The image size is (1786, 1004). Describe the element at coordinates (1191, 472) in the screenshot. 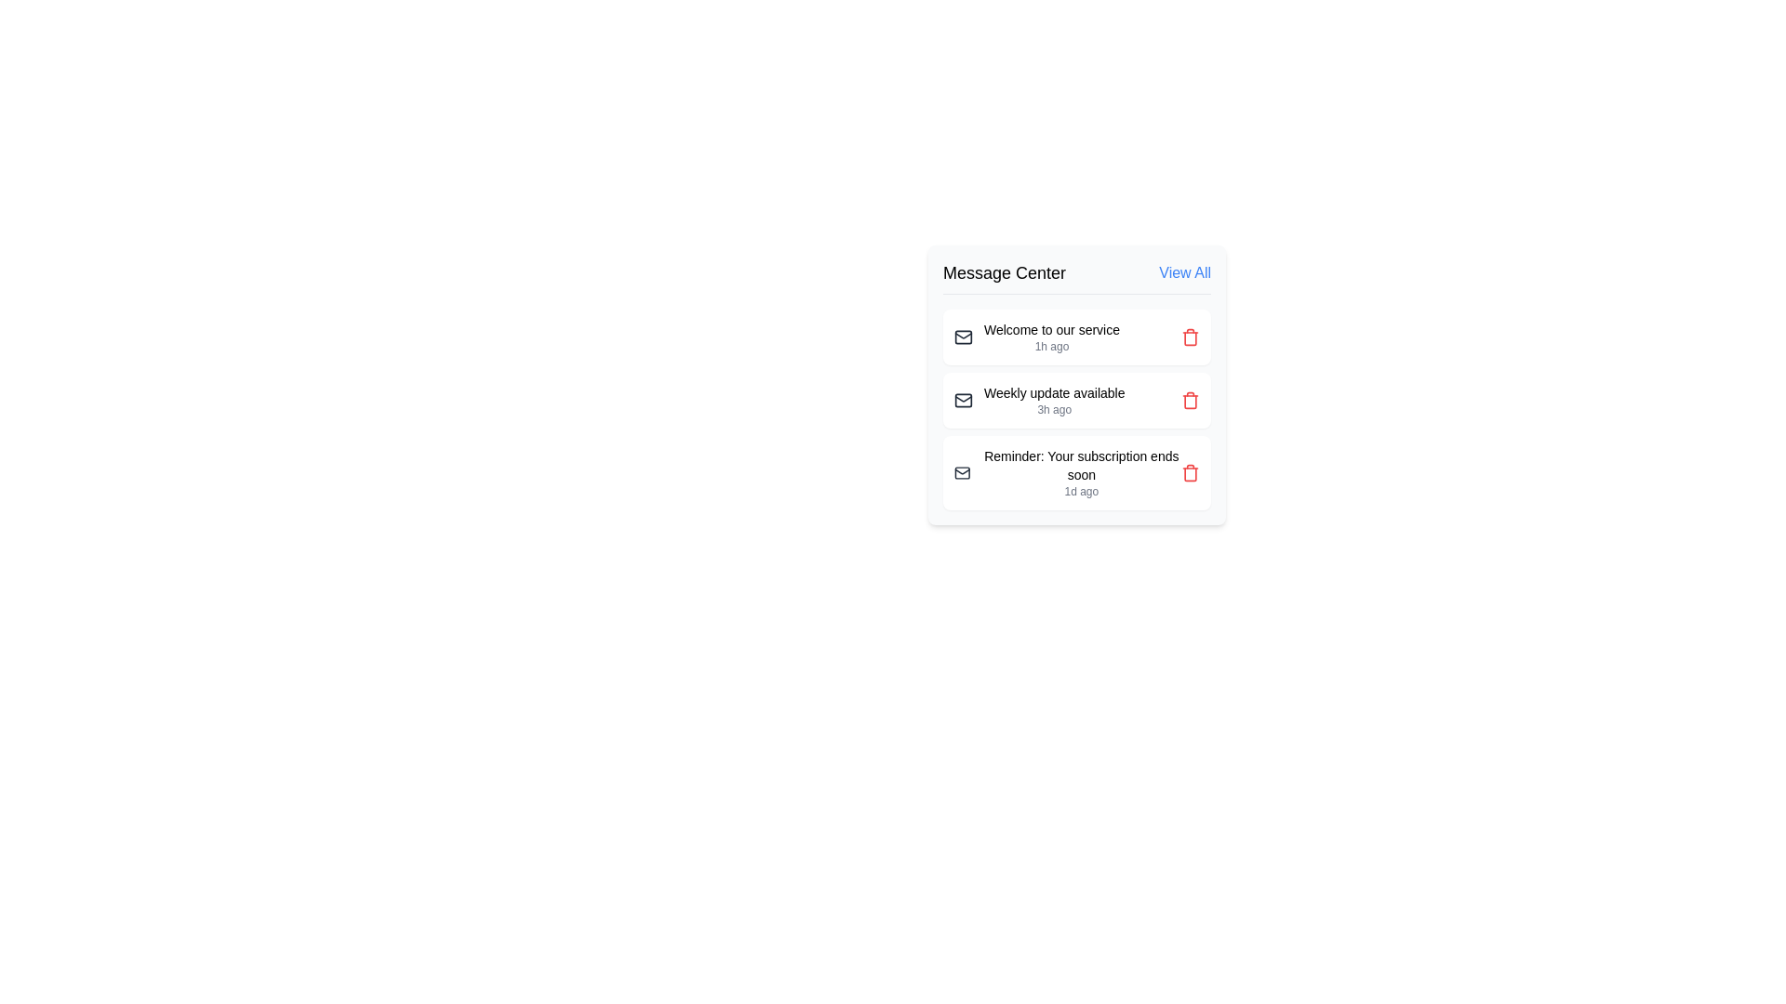

I see `the delete button icon for the 'Reminder: Your subscription ends soon' notification` at that location.